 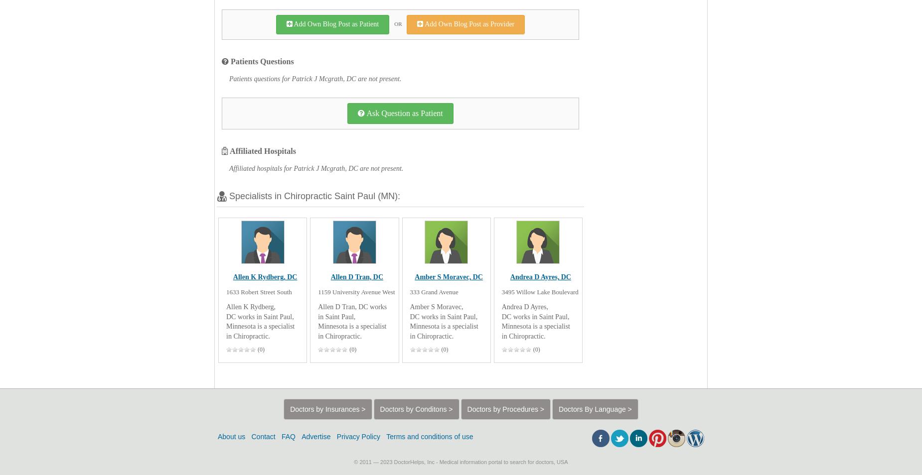 I want to click on 'Patients questions for Patrick J Mcgrath, DC are not present.', so click(x=228, y=78).